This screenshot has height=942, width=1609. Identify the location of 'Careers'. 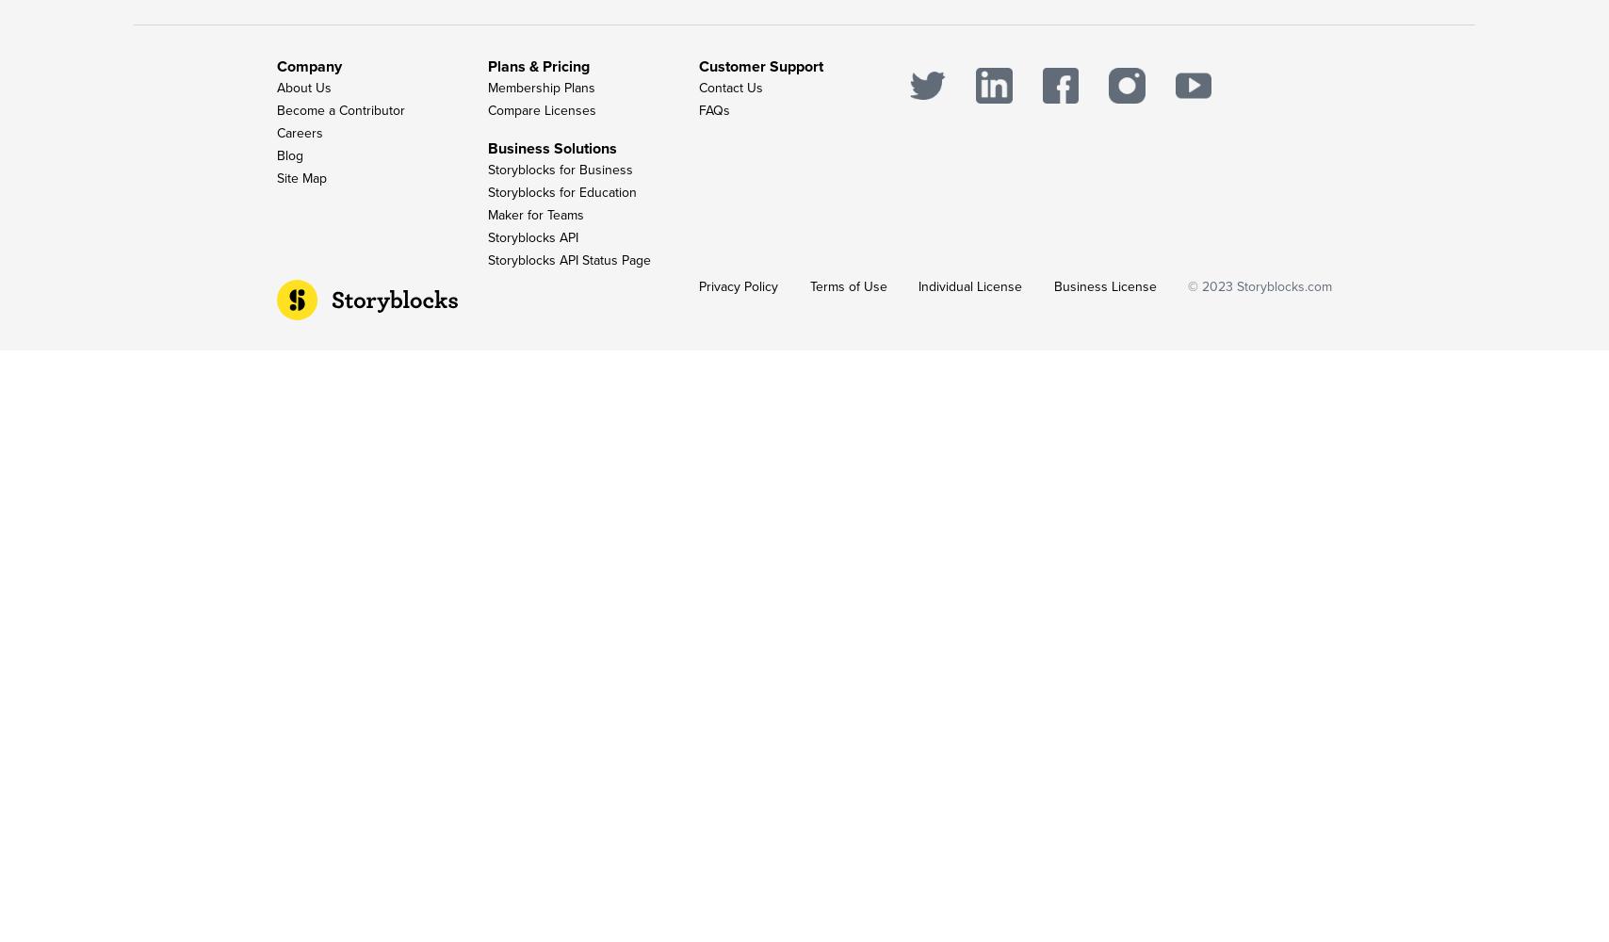
(276, 133).